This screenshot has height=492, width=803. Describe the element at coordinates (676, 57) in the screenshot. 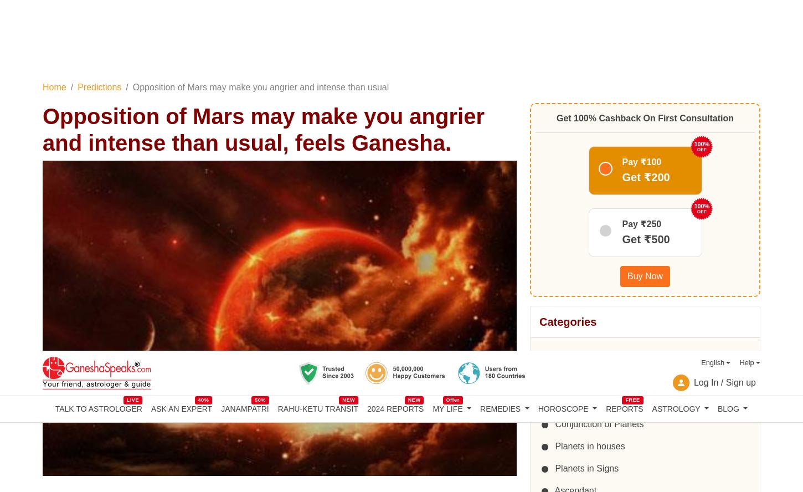

I see `'ASTROLOGY'` at that location.